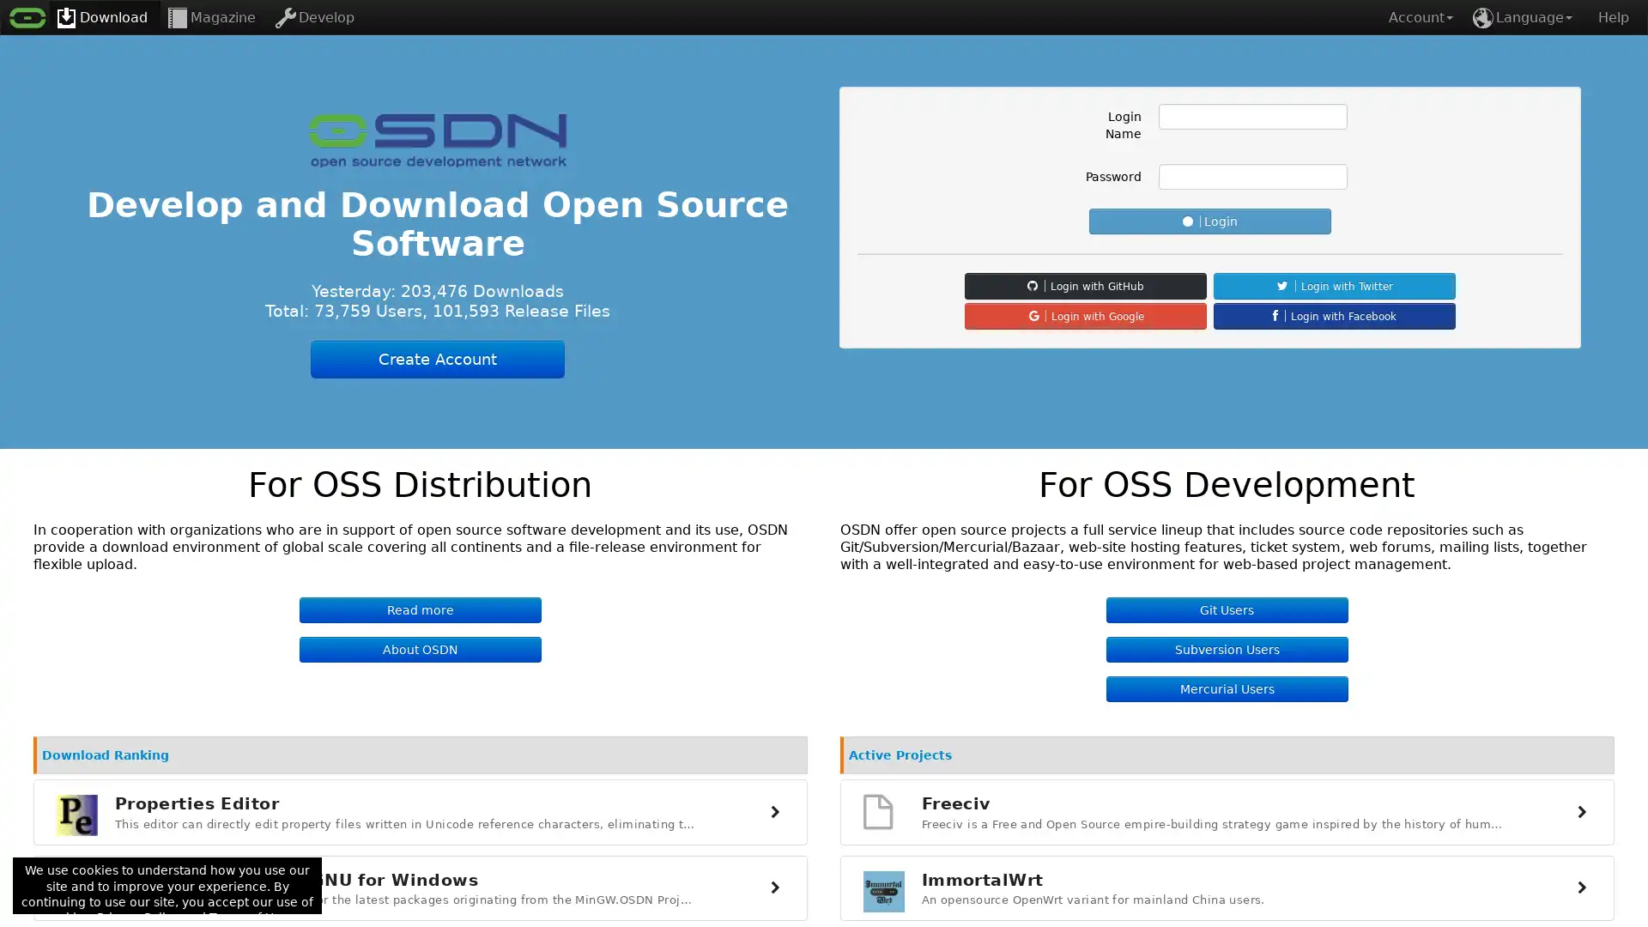 Image resolution: width=1648 pixels, height=927 pixels. I want to click on Login, so click(1209, 221).